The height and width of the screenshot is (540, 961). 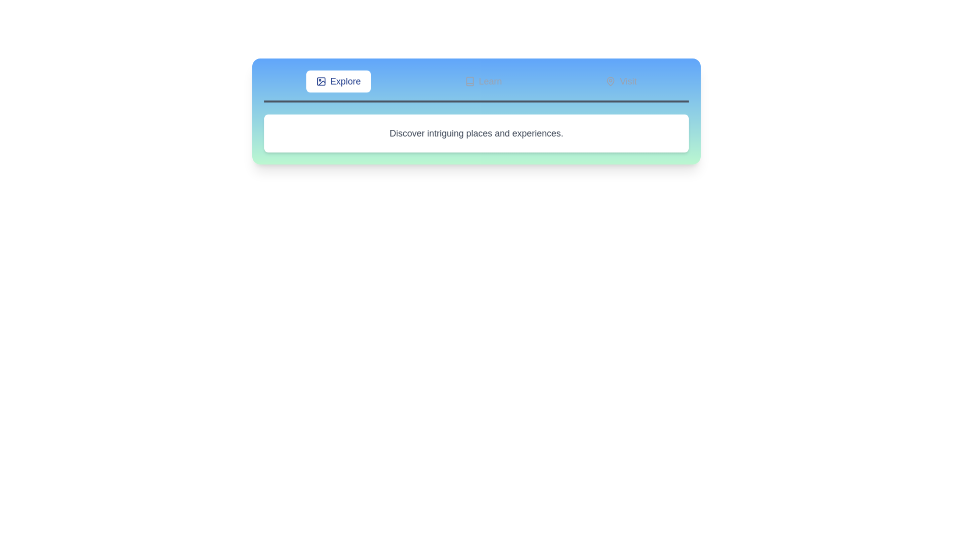 I want to click on the open book icon in the navigation bar next to the 'Learn' text, so click(x=469, y=80).